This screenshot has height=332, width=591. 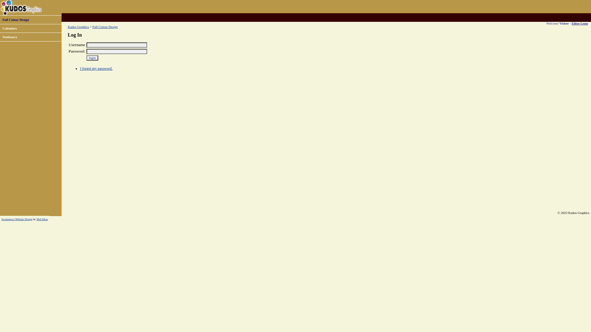 I want to click on 'Stationary', so click(x=10, y=37).